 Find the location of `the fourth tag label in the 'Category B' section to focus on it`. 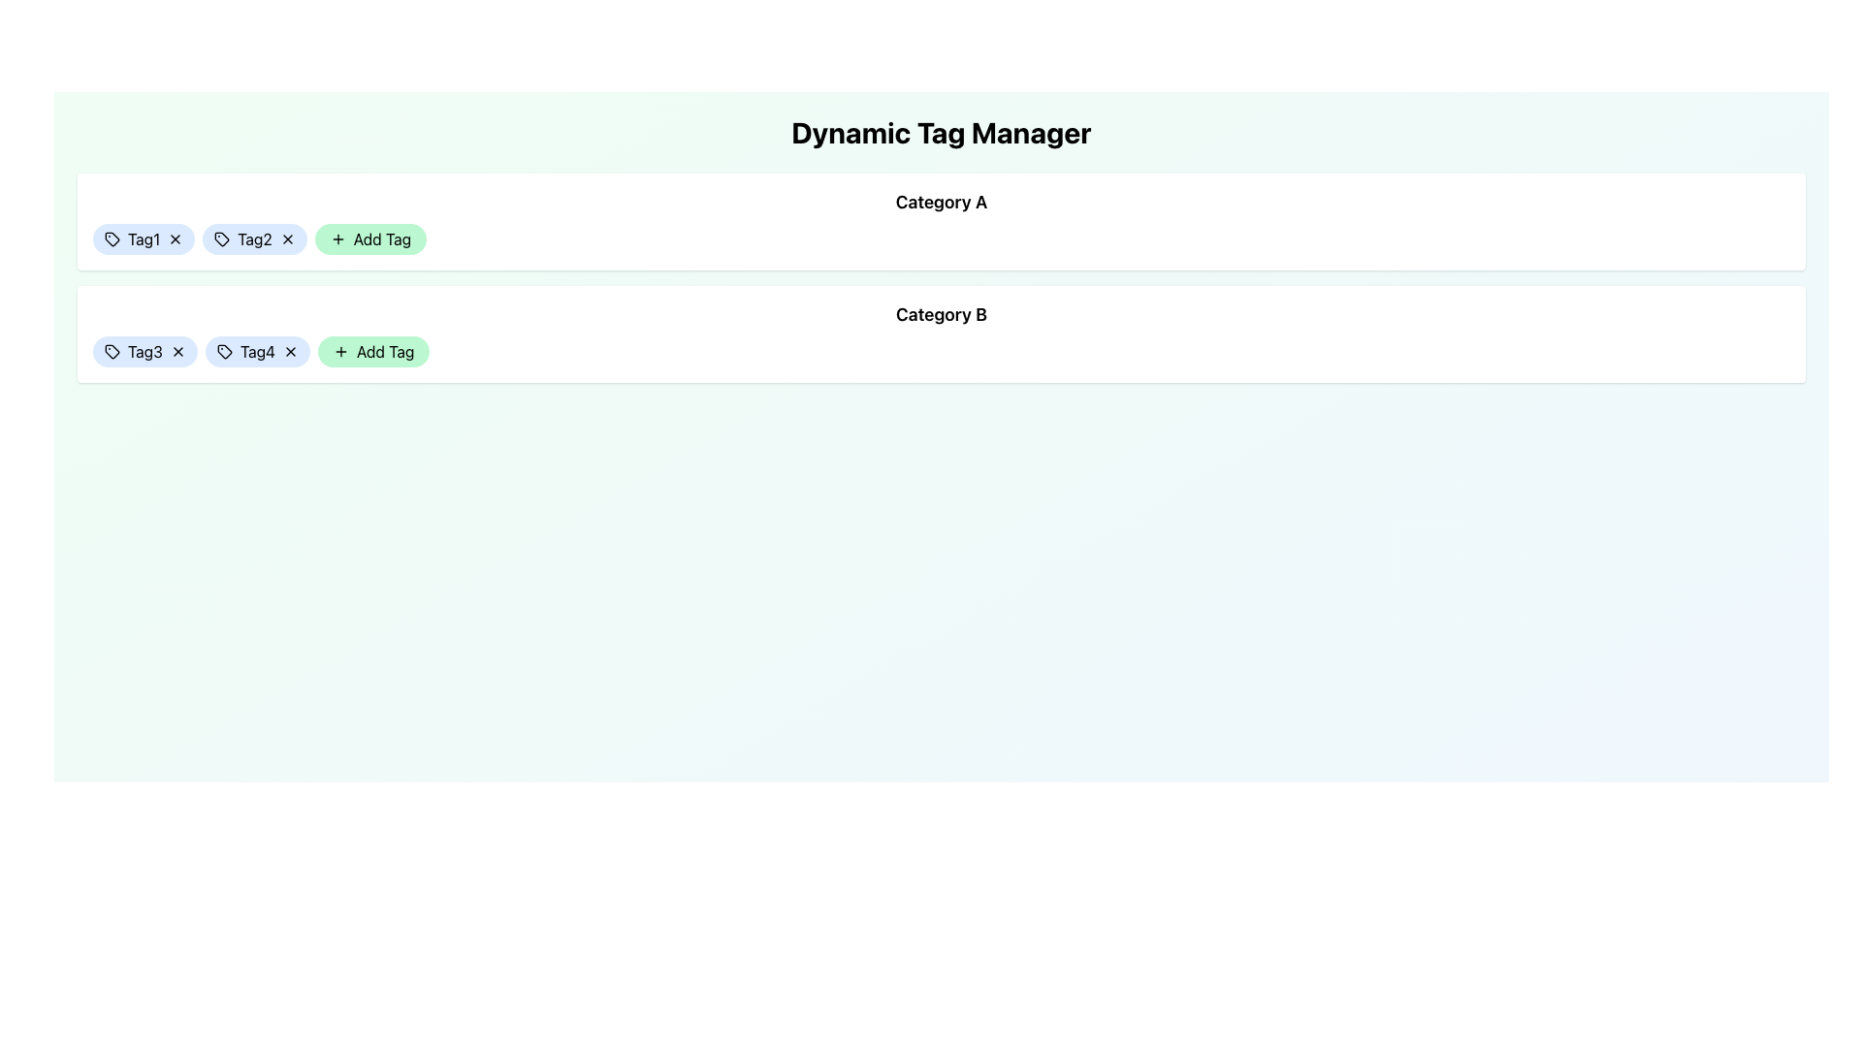

the fourth tag label in the 'Category B' section to focus on it is located at coordinates (256, 351).